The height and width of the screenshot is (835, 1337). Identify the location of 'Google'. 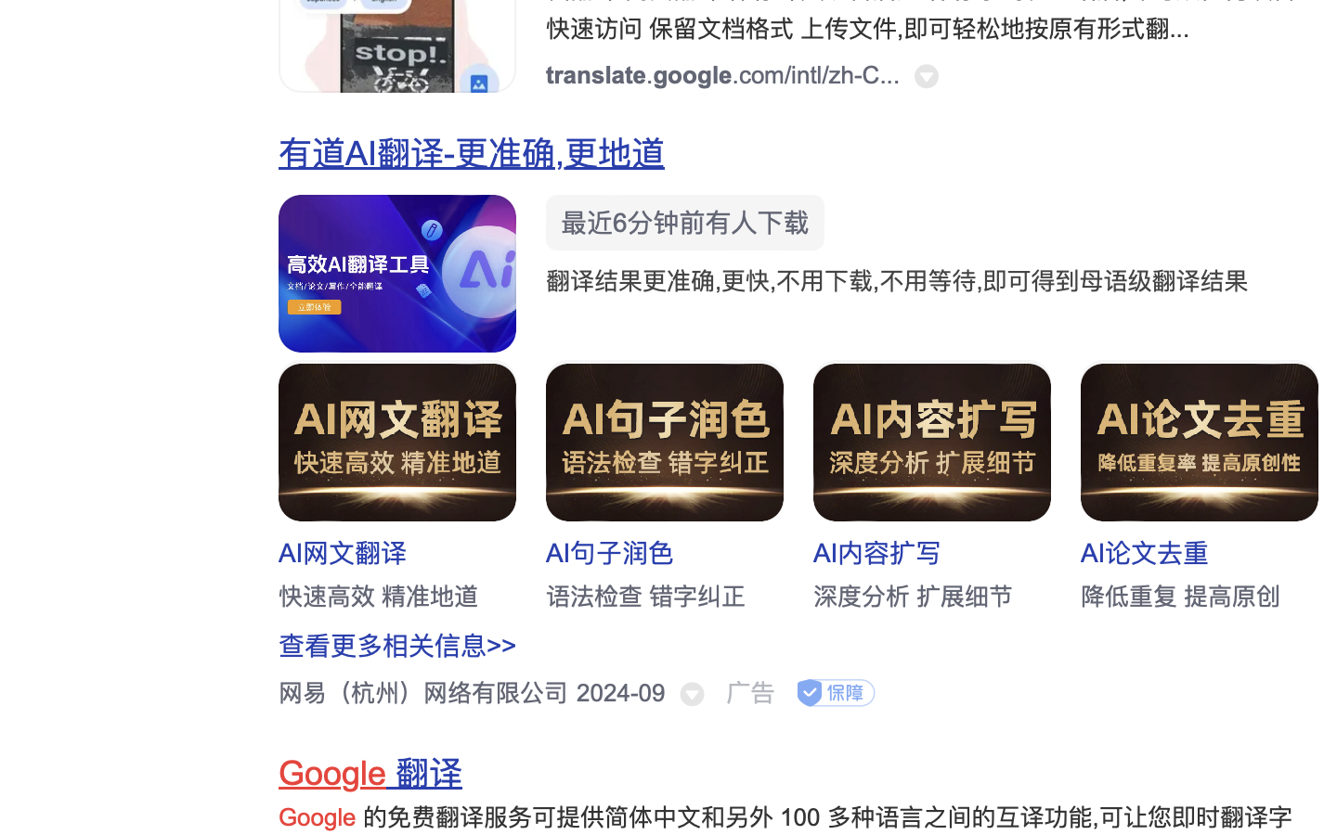
(332, 774).